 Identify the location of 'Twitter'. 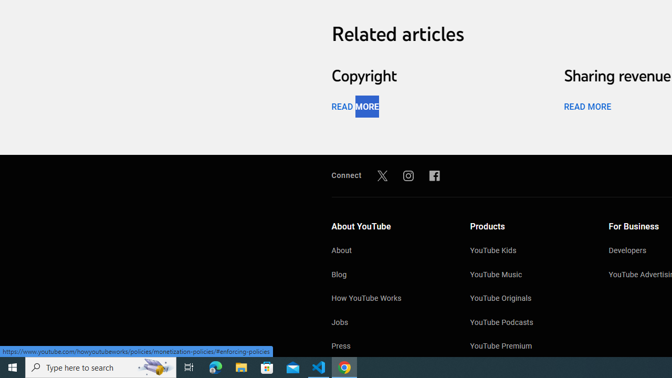
(382, 175).